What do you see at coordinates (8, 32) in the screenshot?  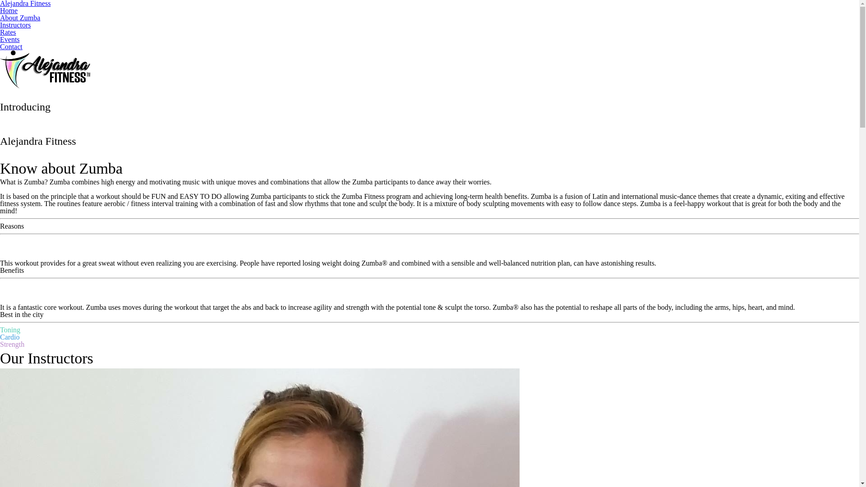 I see `'Rates'` at bounding box center [8, 32].